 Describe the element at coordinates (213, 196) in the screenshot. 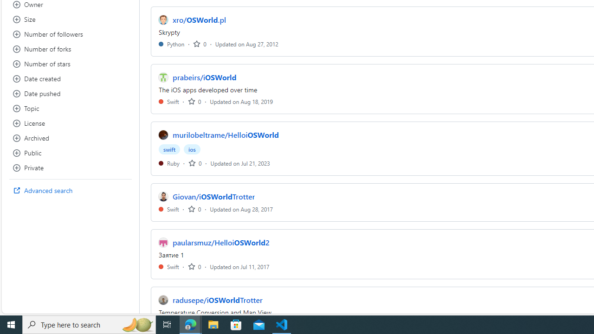

I see `'Giovan/iOSWorldTrotter'` at that location.